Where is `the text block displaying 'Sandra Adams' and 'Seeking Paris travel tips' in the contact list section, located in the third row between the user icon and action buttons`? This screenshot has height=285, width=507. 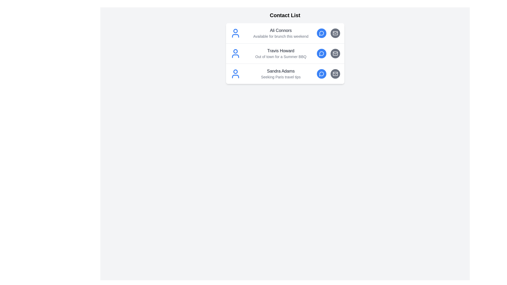 the text block displaying 'Sandra Adams' and 'Seeking Paris travel tips' in the contact list section, located in the third row between the user icon and action buttons is located at coordinates (280, 74).